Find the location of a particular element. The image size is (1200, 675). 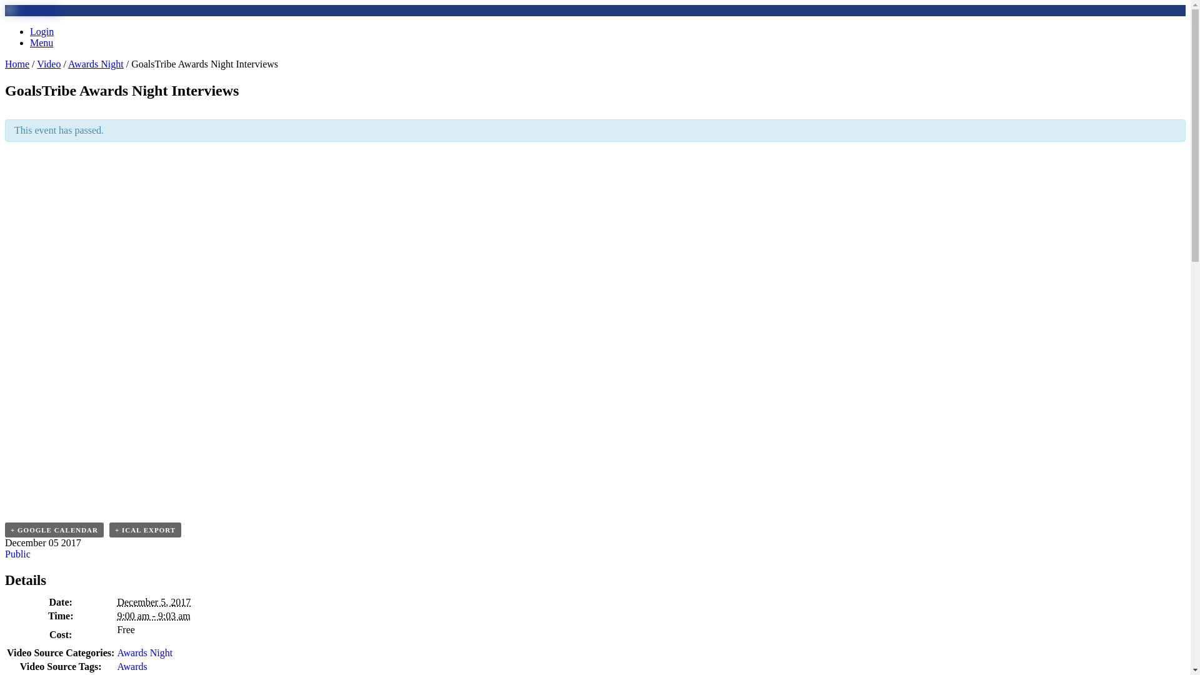

'Login' is located at coordinates (42, 31).